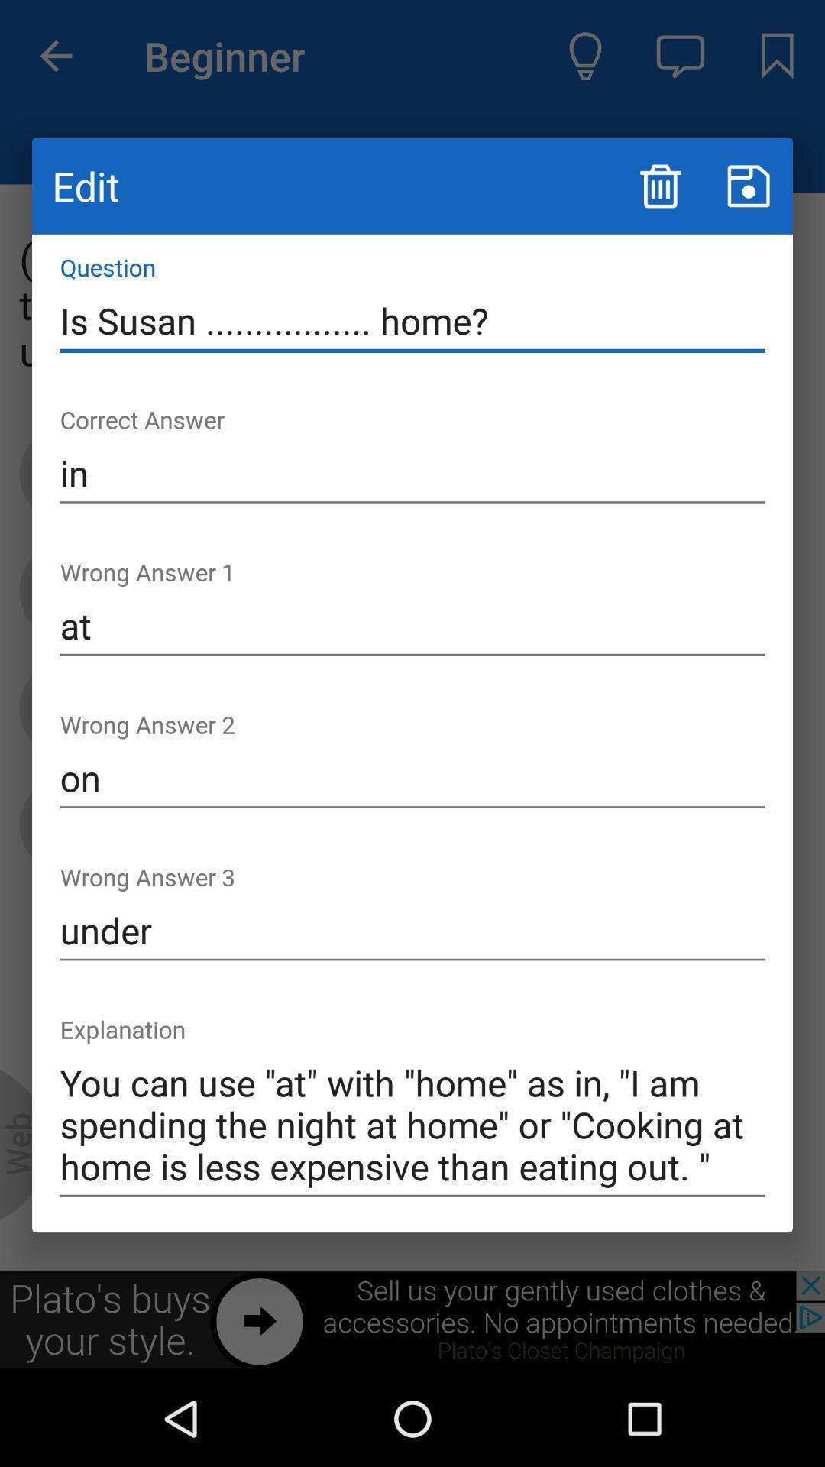 The width and height of the screenshot is (825, 1467). Describe the element at coordinates (748, 185) in the screenshot. I see `button` at that location.